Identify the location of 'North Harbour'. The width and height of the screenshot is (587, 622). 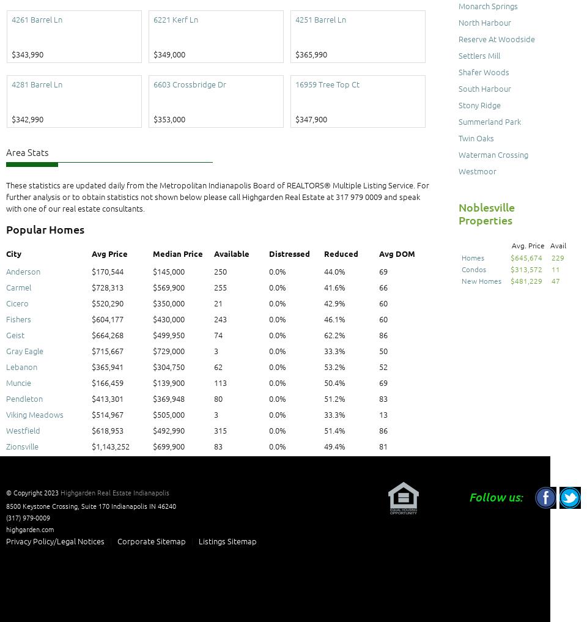
(457, 21).